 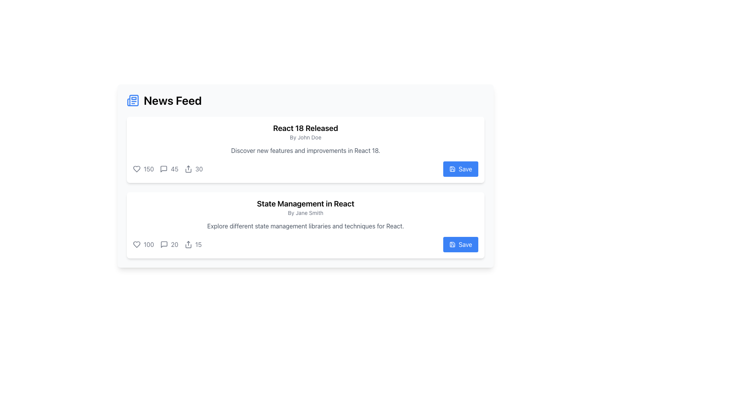 I want to click on the heart-shaped icon button located below the 'State Management in React' article, so click(x=137, y=245).